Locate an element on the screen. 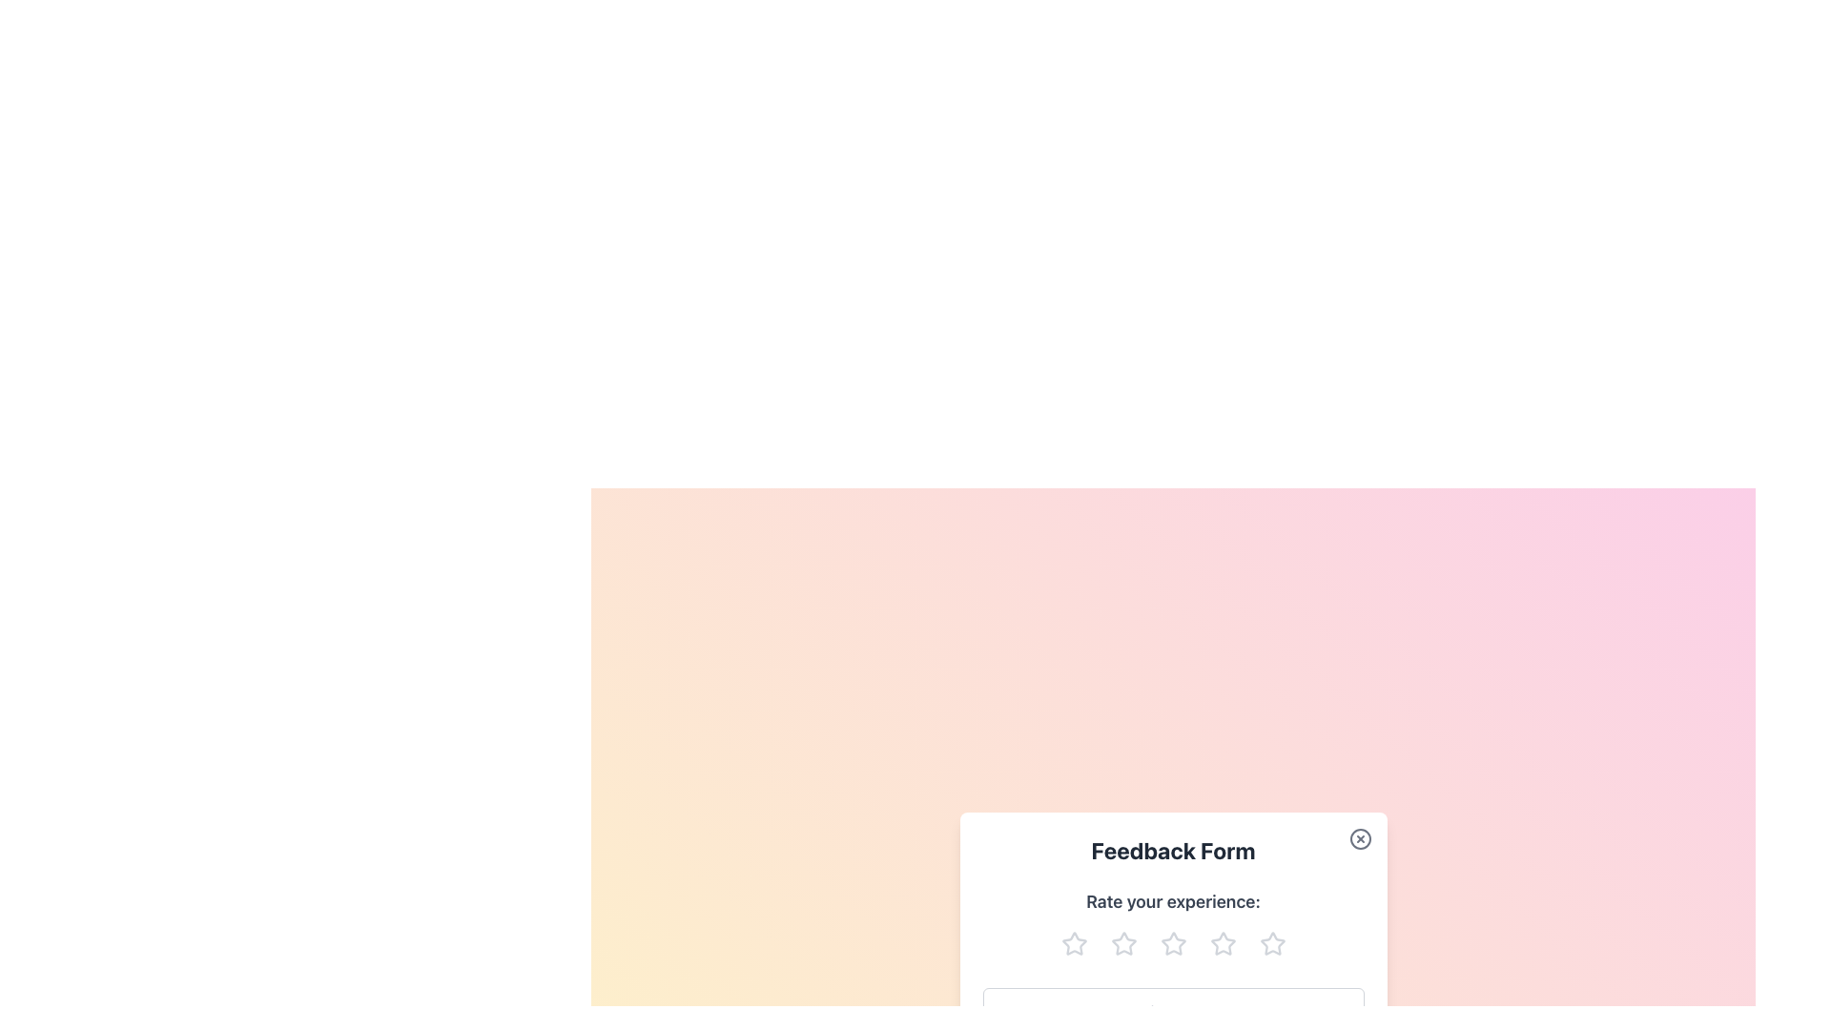 This screenshot has height=1030, width=1831. the fourth star in the horizontal row of rating stars within the 'Feedback Form' dialog is located at coordinates (1272, 944).